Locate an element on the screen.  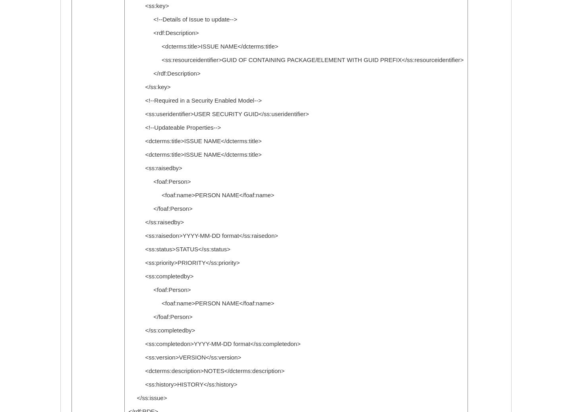
'<ss:version>VERSION</ss:version>' is located at coordinates (184, 357).